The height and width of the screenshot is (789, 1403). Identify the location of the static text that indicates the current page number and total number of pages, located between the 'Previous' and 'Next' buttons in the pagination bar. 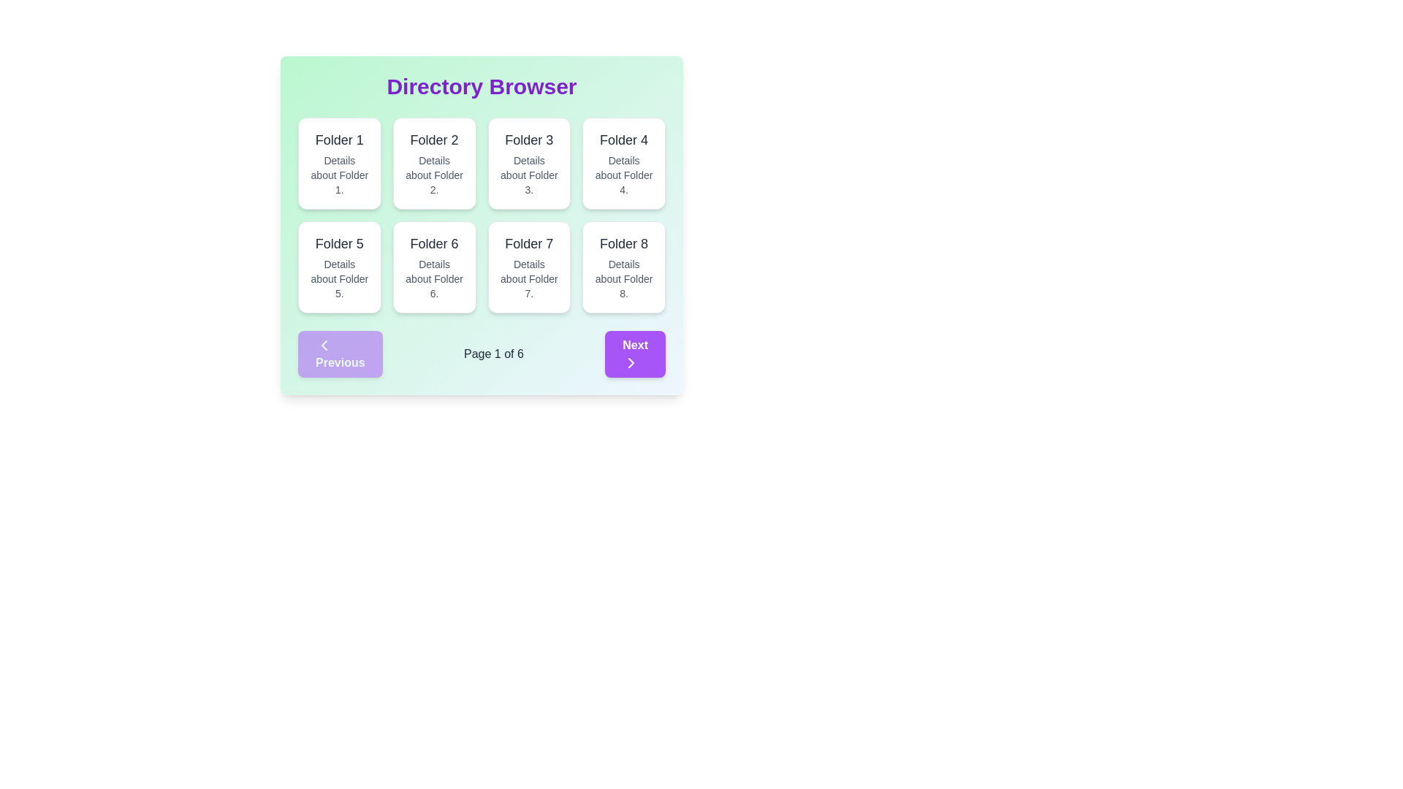
(494, 354).